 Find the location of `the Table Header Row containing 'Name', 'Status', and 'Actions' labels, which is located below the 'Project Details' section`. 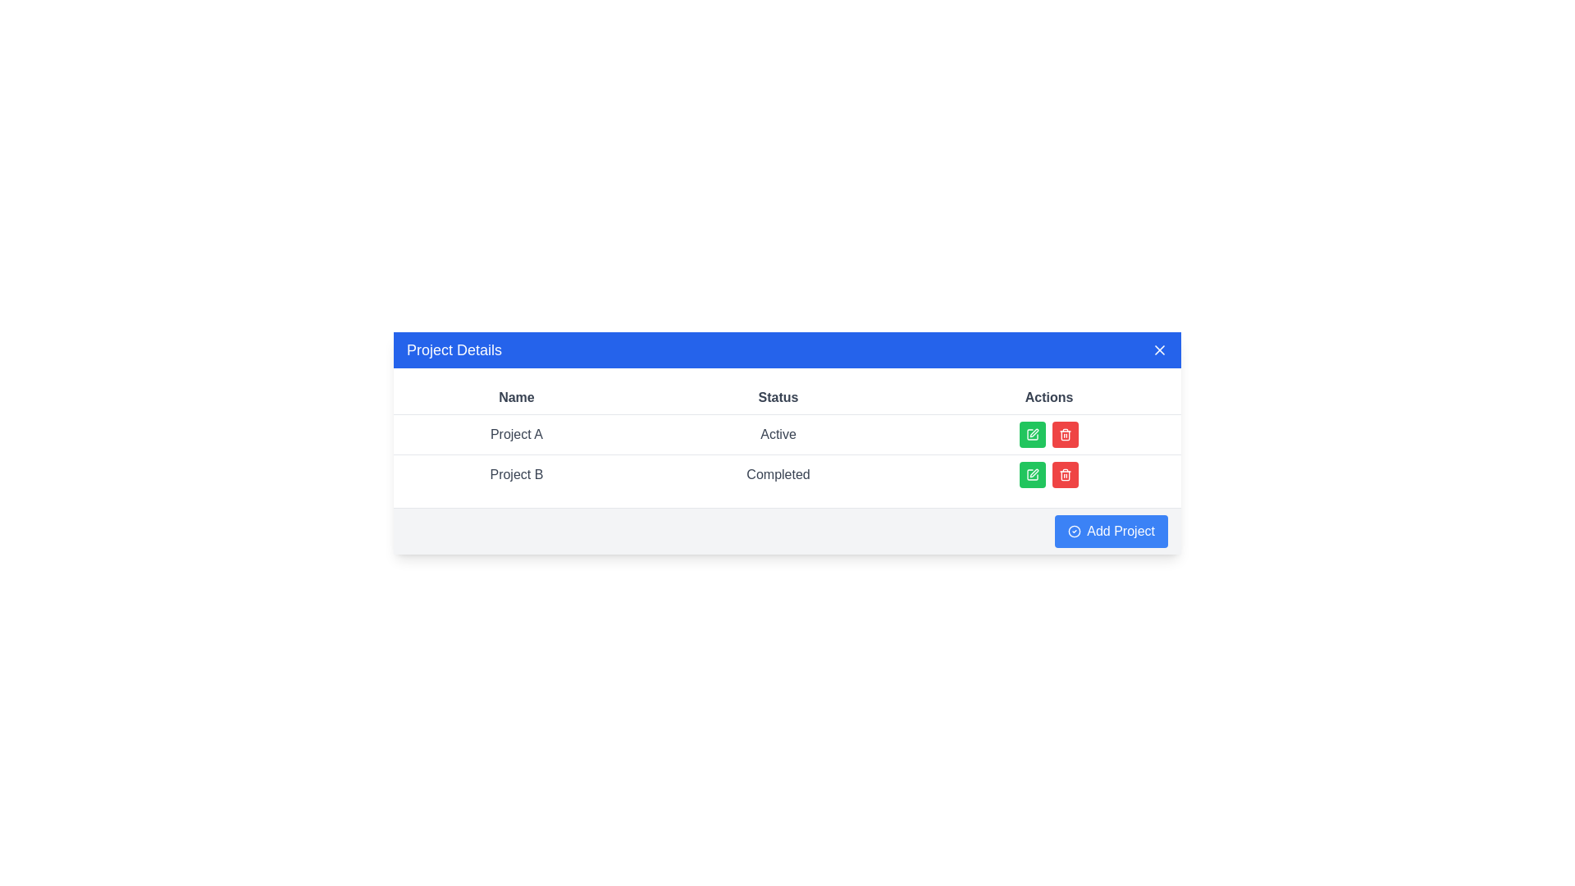

the Table Header Row containing 'Name', 'Status', and 'Actions' labels, which is located below the 'Project Details' section is located at coordinates (787, 396).